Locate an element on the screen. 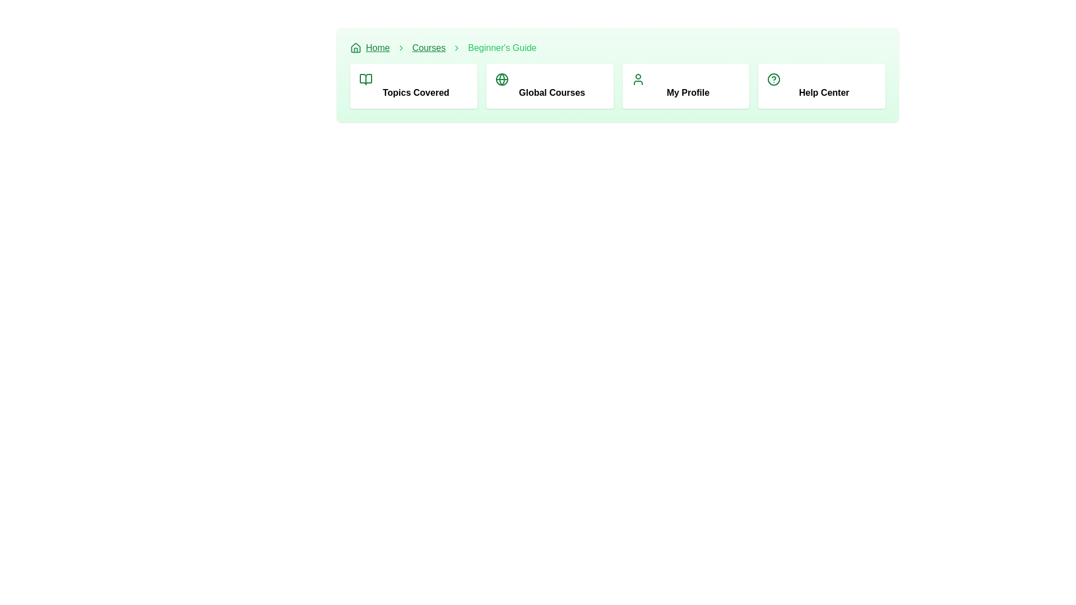 The image size is (1076, 605). the 'Courses' hyperlink in the breadcrumb navigation bar to change its color is located at coordinates (428, 47).